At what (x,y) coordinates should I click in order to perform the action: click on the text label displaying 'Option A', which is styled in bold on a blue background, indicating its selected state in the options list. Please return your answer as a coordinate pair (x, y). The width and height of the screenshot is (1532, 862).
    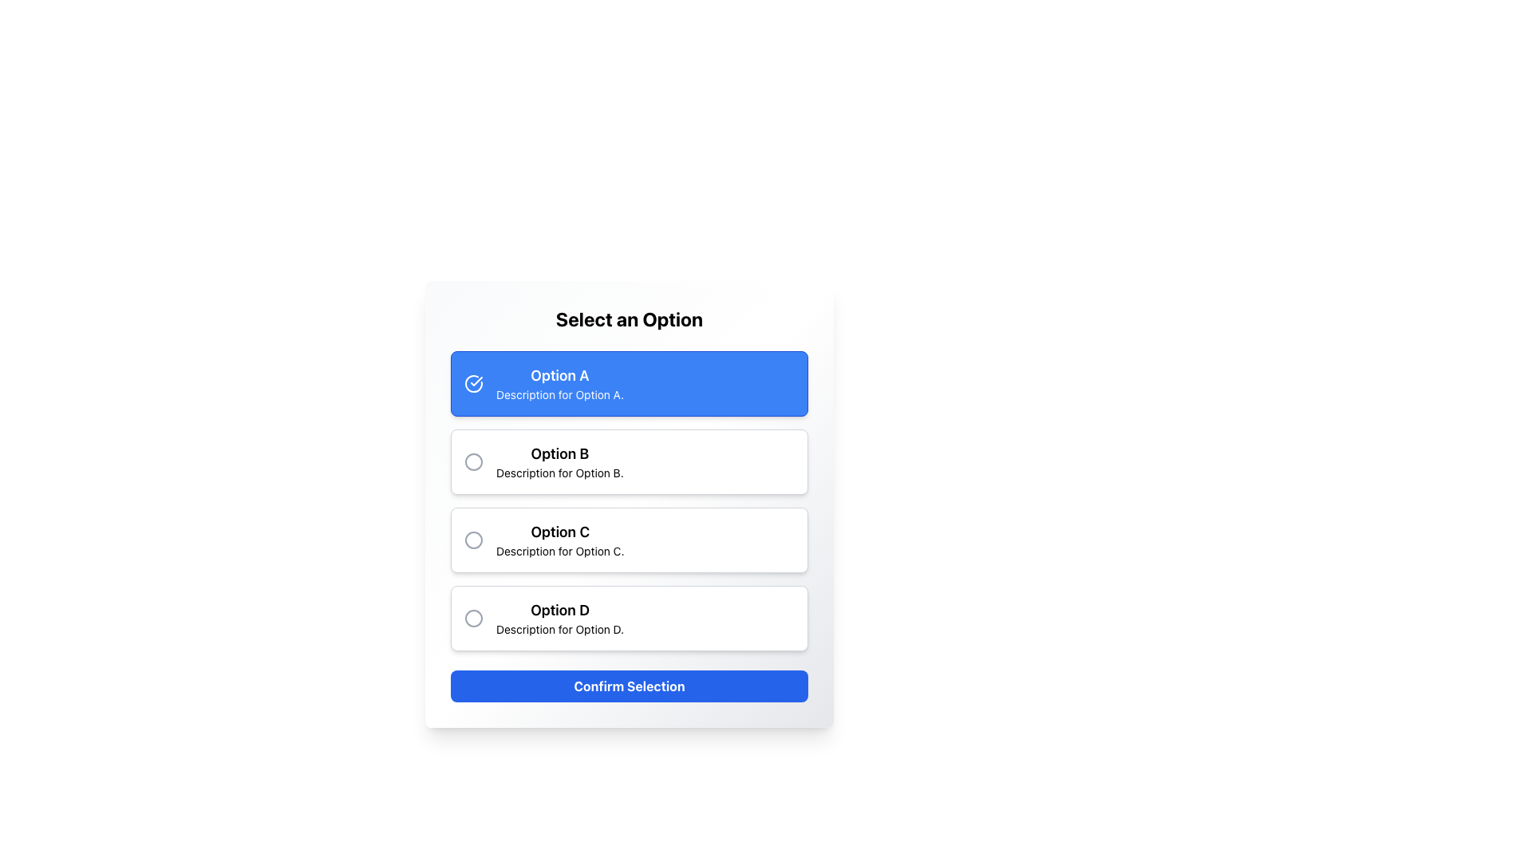
    Looking at the image, I should click on (559, 375).